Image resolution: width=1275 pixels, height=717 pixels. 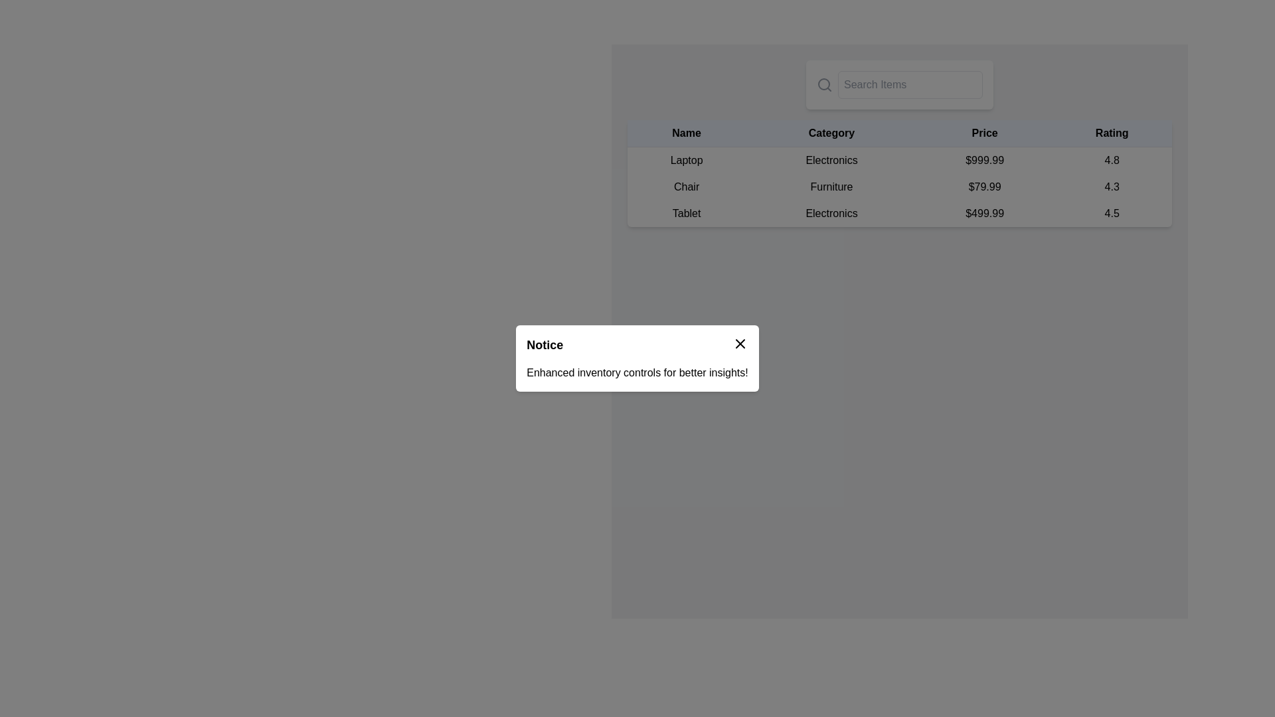 What do you see at coordinates (687, 212) in the screenshot?
I see `the text label displaying 'Tablet' located` at bounding box center [687, 212].